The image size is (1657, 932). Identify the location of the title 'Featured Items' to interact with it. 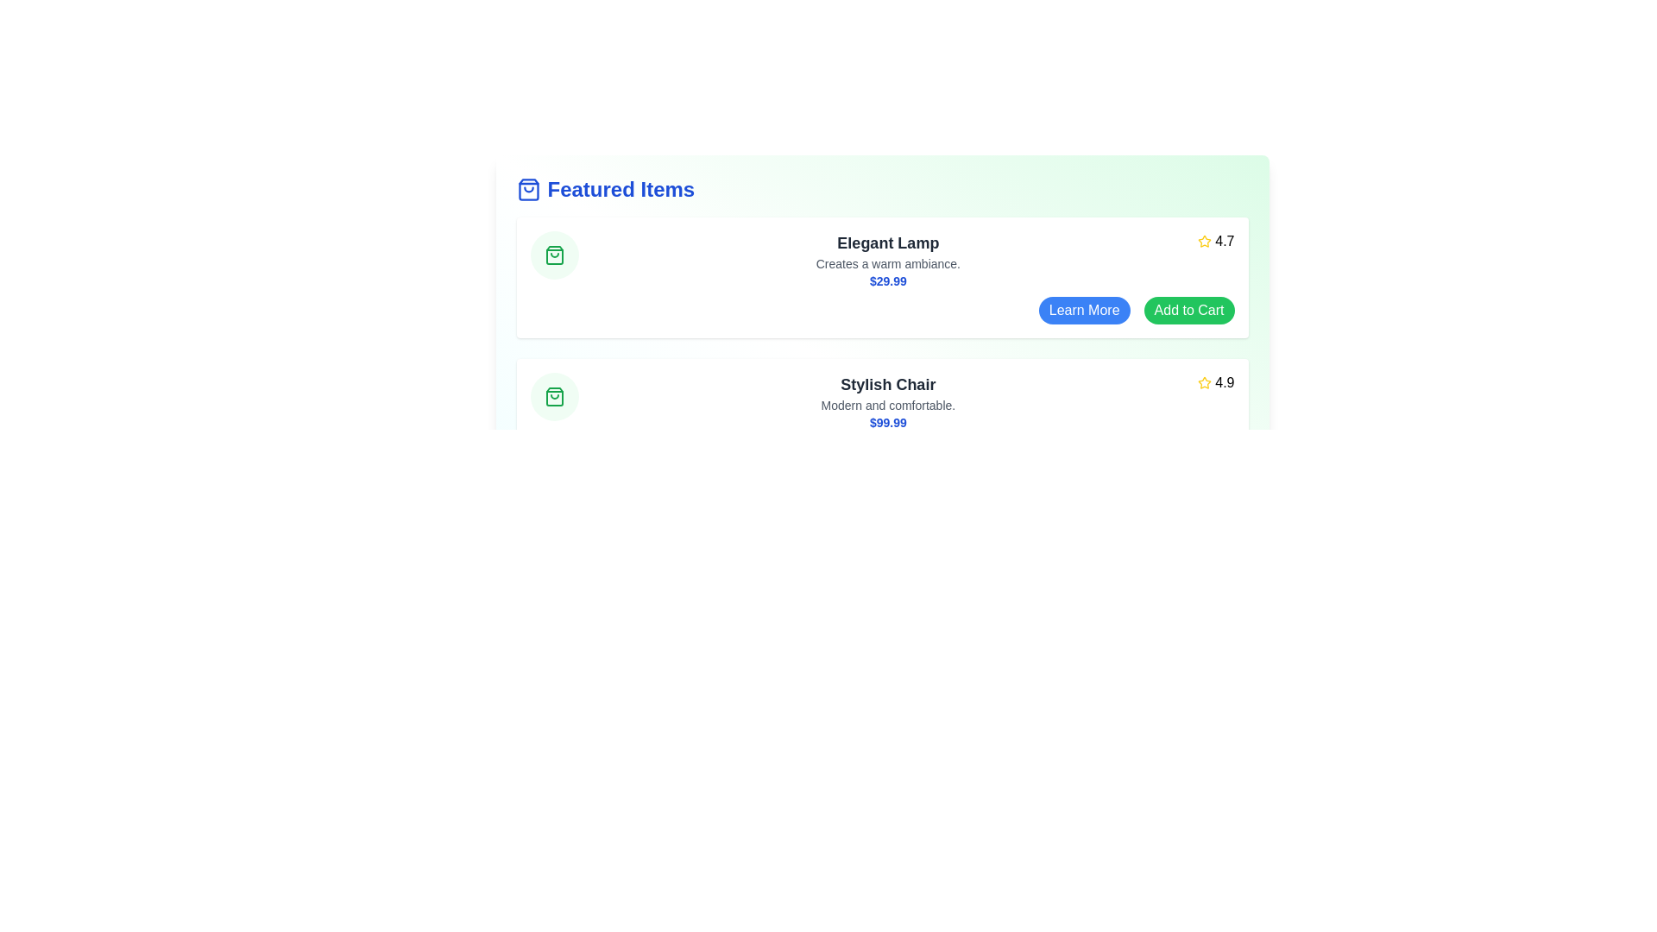
(882, 189).